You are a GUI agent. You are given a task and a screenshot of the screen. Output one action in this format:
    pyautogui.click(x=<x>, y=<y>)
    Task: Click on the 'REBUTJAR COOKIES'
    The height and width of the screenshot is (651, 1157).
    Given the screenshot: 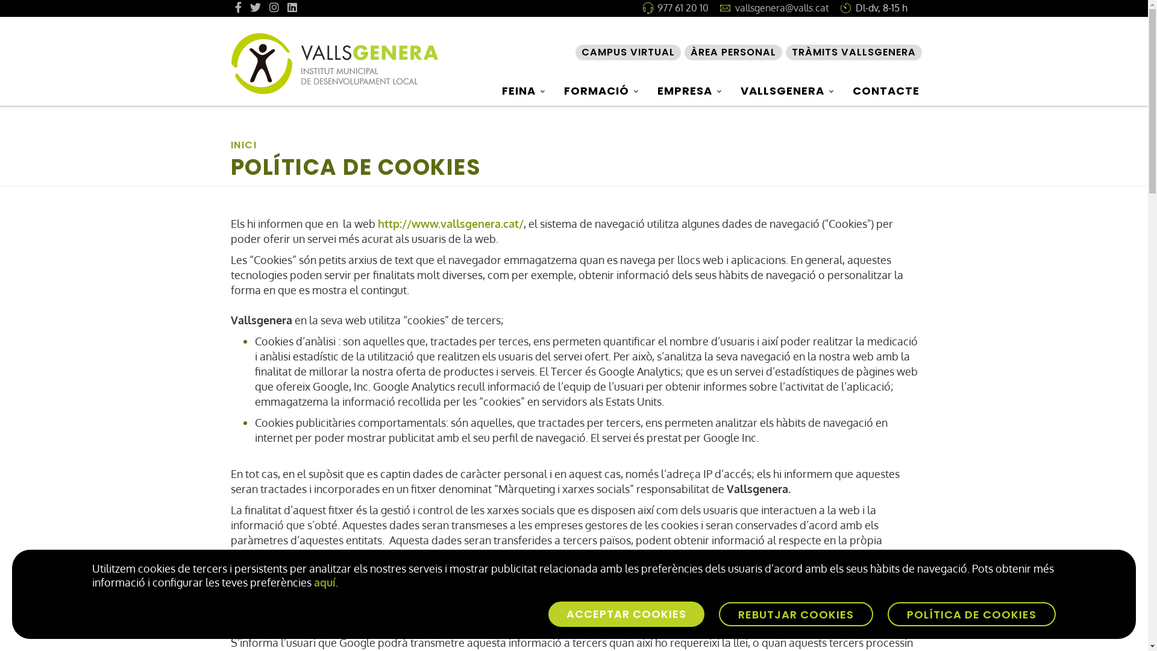 What is the action you would take?
    pyautogui.click(x=795, y=614)
    